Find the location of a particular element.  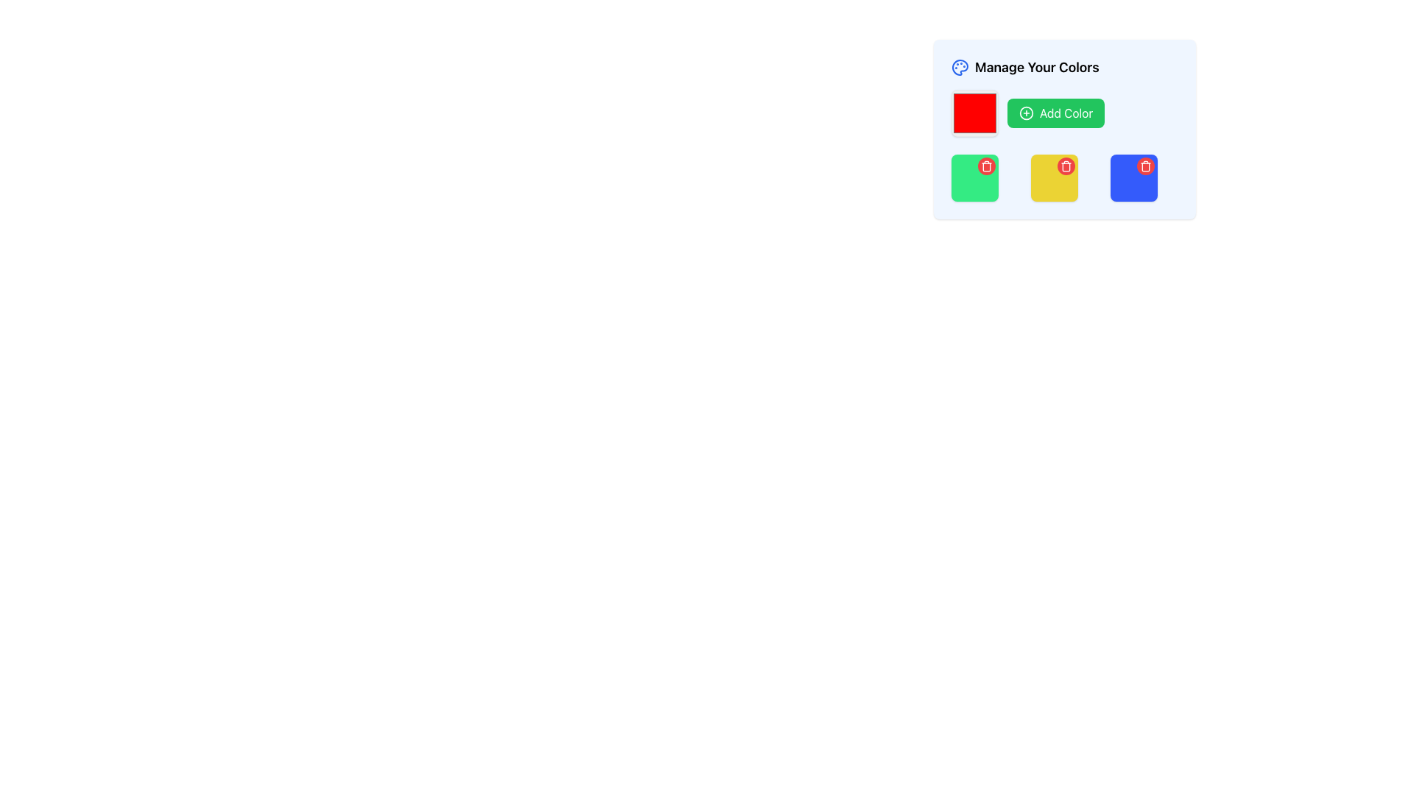

the 'Add Color' button, which is a green button with white text and a plus icon, located within the 'Manage Your Colors' section is located at coordinates (1064, 113).